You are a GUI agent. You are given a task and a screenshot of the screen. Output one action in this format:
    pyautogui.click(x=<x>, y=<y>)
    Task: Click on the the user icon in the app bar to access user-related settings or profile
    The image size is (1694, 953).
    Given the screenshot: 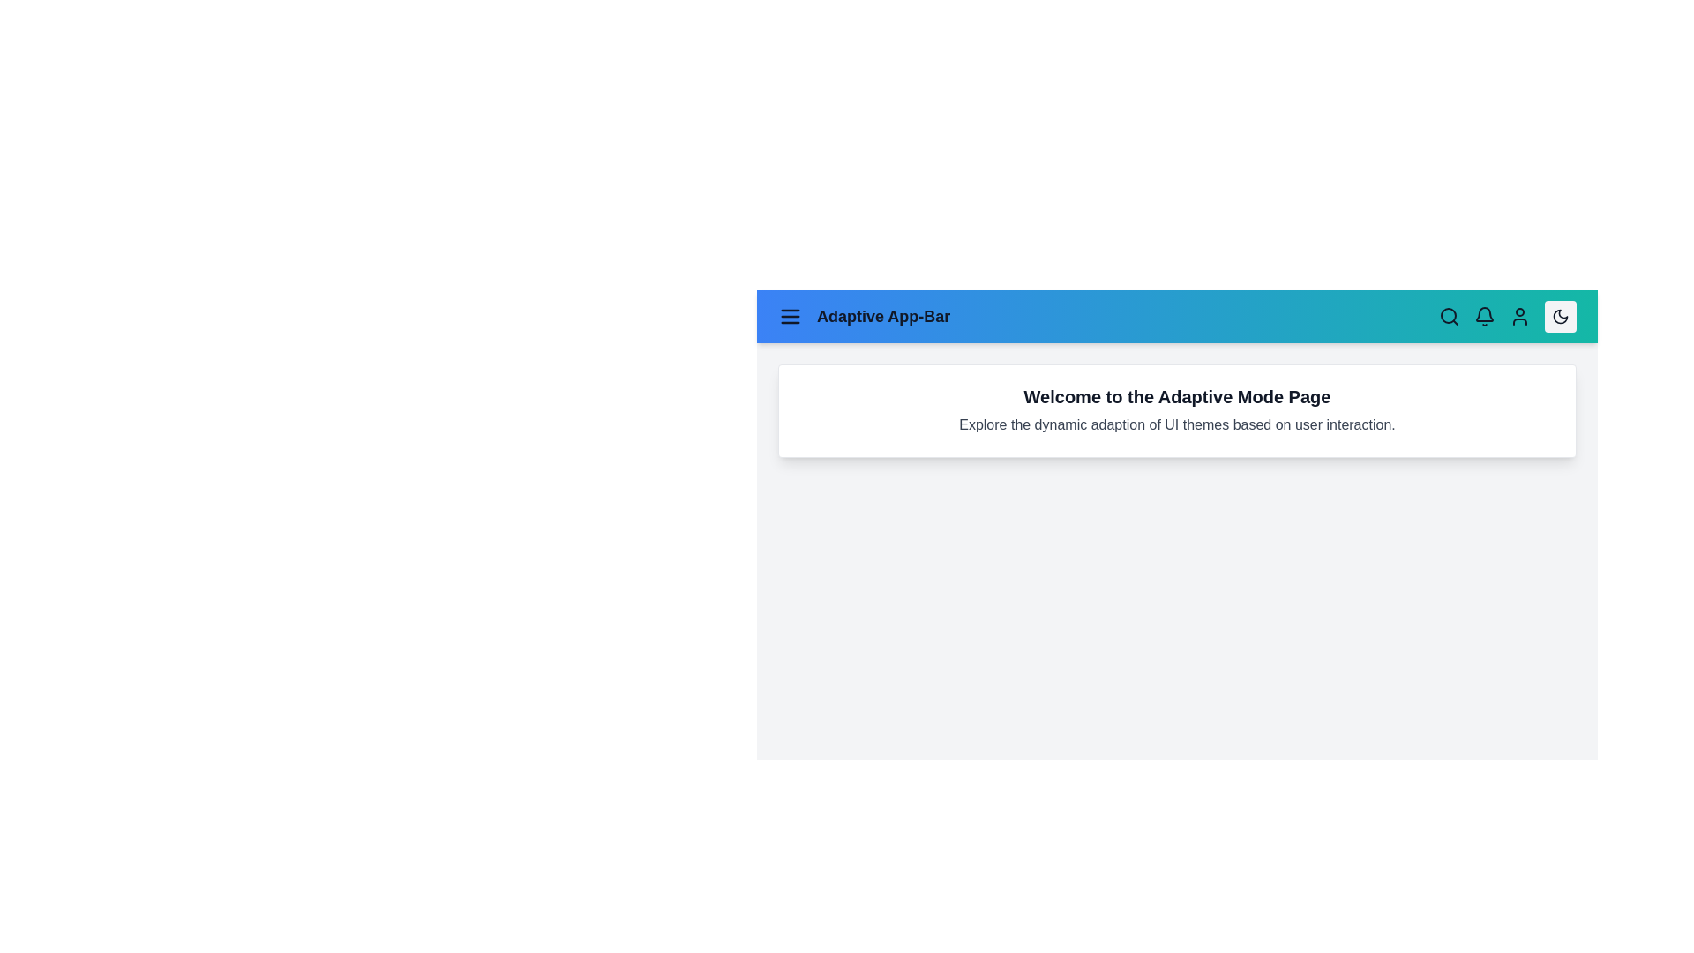 What is the action you would take?
    pyautogui.click(x=1519, y=315)
    